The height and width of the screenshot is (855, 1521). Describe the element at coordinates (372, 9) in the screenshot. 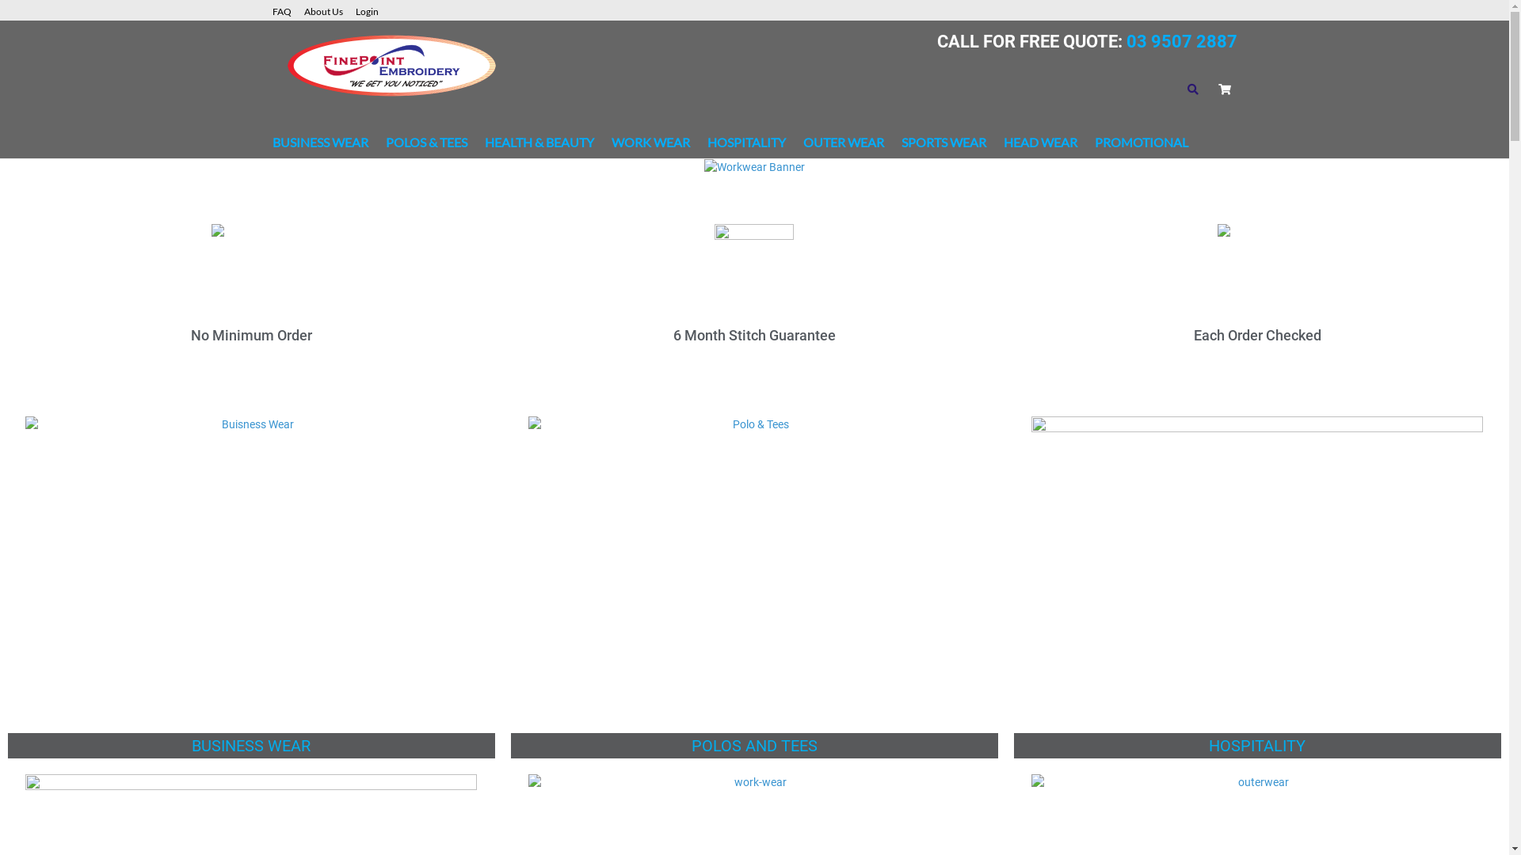

I see `'Login'` at that location.